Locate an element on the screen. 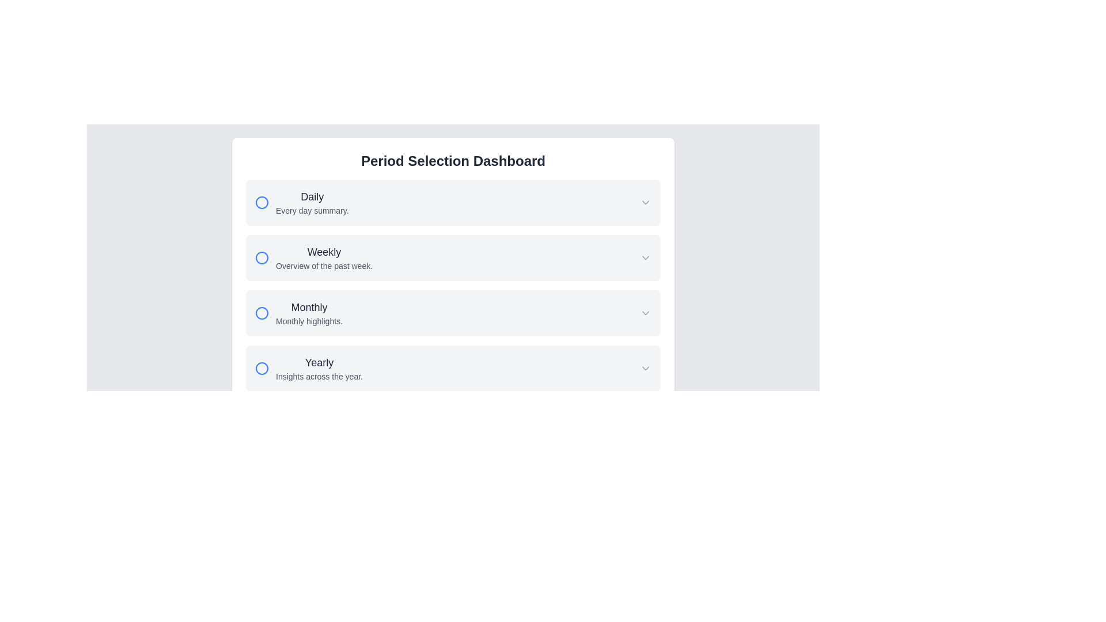 The width and height of the screenshot is (1106, 622). the circular radio button with a blue border located next to the 'Monthly' option label is located at coordinates (262, 313).